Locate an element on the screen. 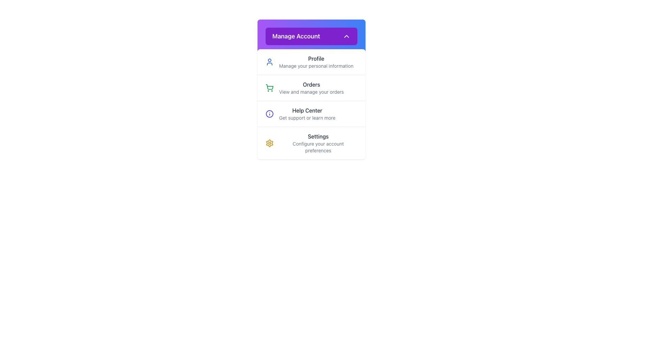 Image resolution: width=648 pixels, height=364 pixels. the text label providing additional context about the 'Profile' section, located directly underneath the 'Profile' header in the account management dropdown is located at coordinates (316, 66).